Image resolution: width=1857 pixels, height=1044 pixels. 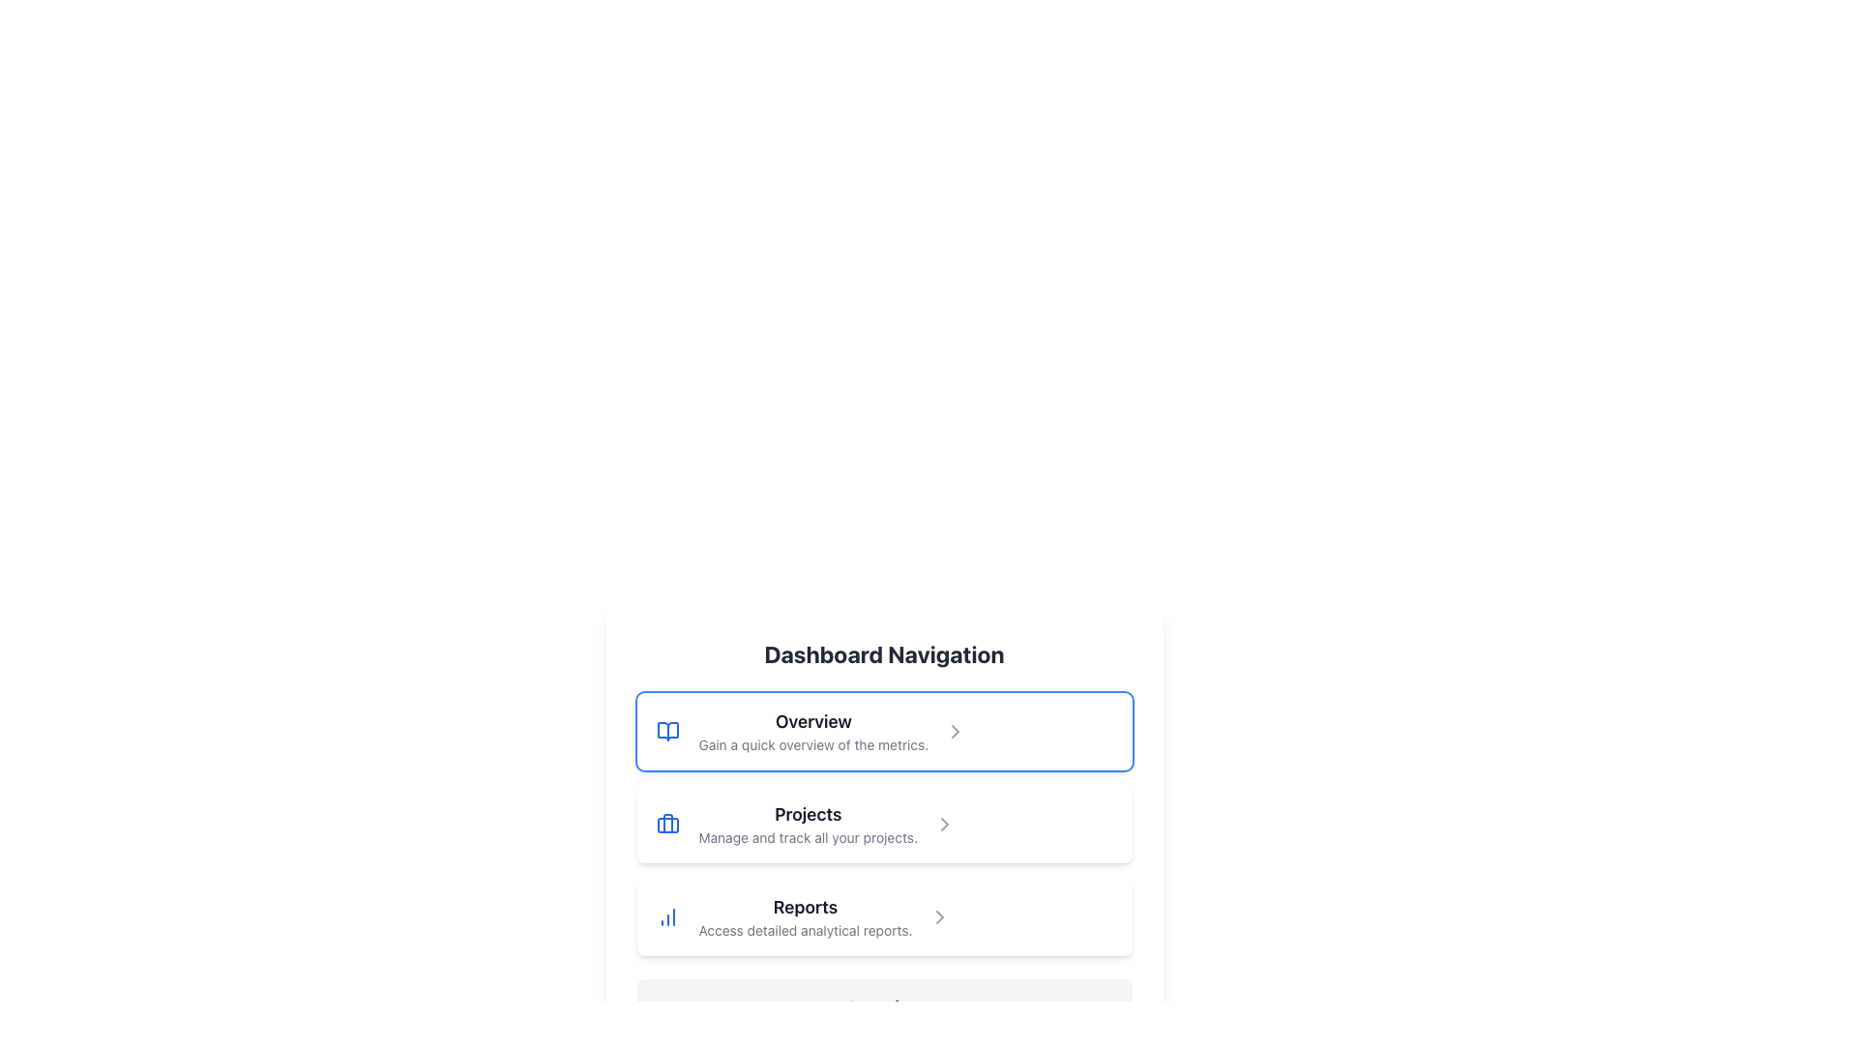 I want to click on the 'Reports' text label, so click(x=806, y=915).